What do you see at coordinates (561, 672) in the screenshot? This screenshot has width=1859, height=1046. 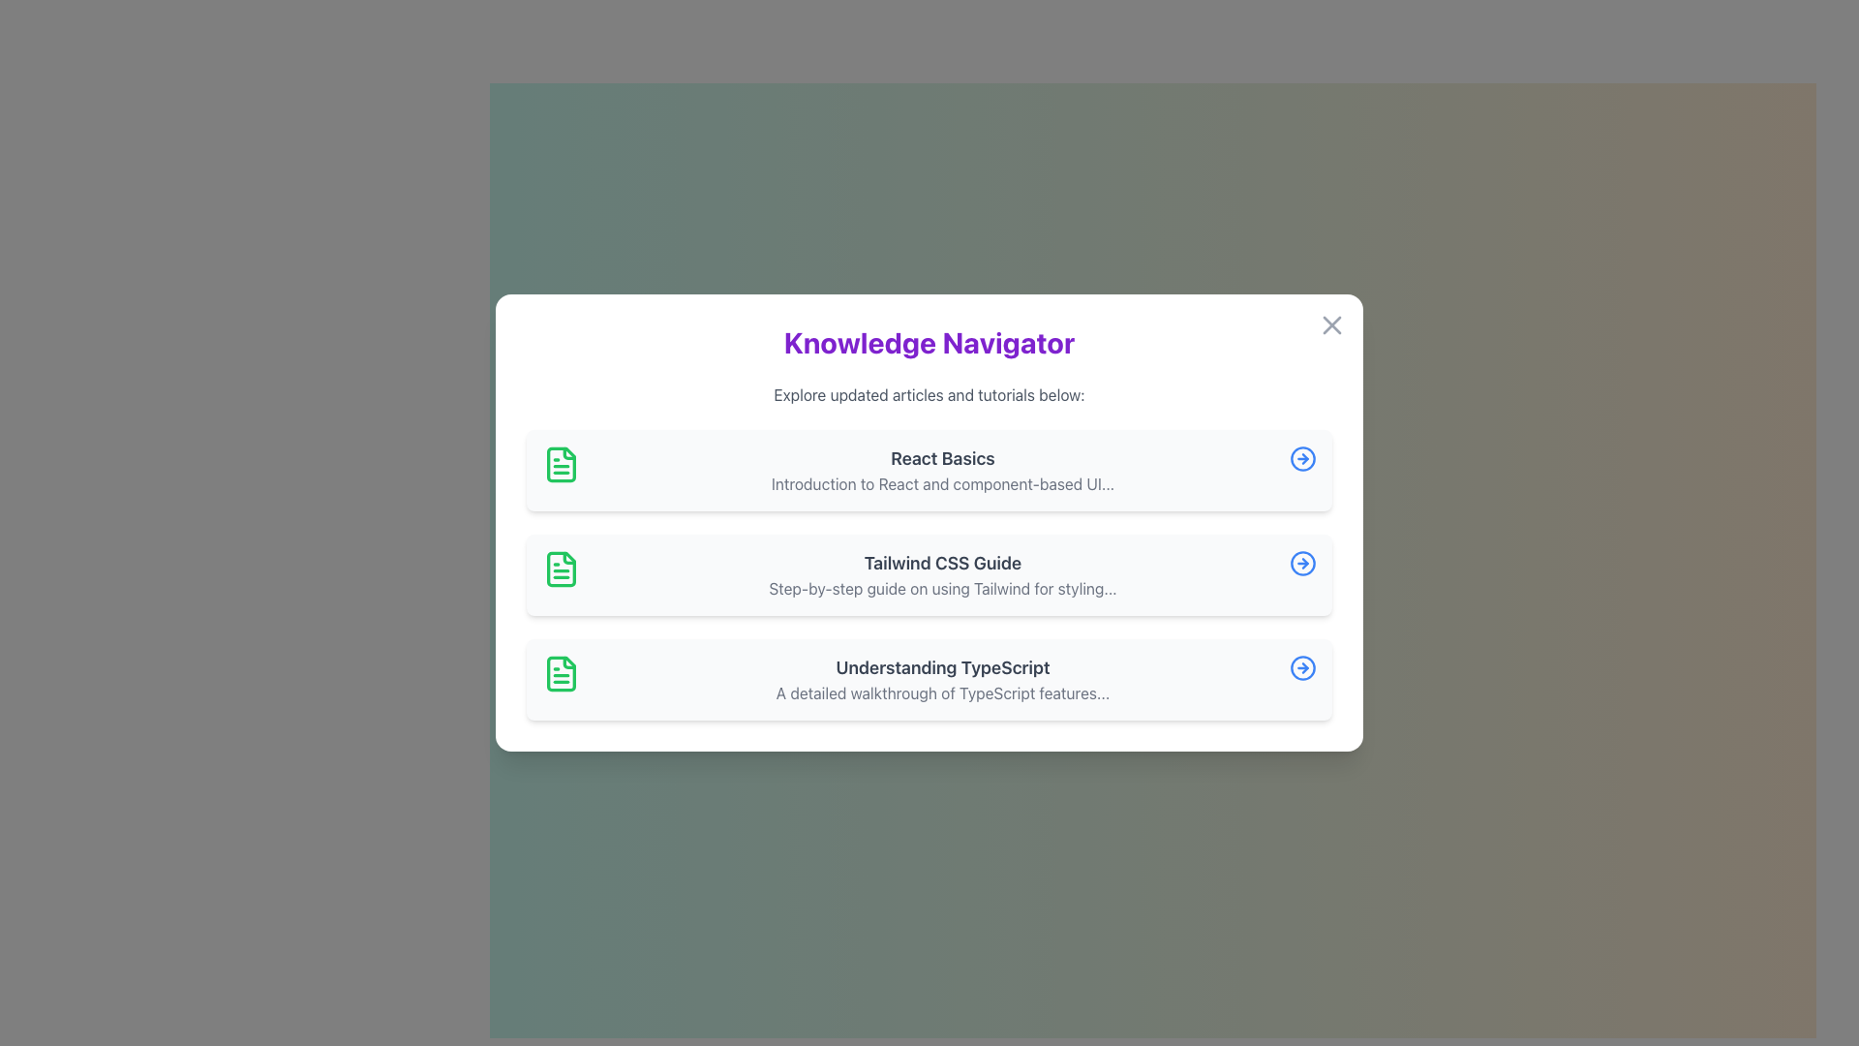 I see `the clickable document icon that represents the 'Understanding TypeScript' guide, located at the bottom of the vertical list` at bounding box center [561, 672].